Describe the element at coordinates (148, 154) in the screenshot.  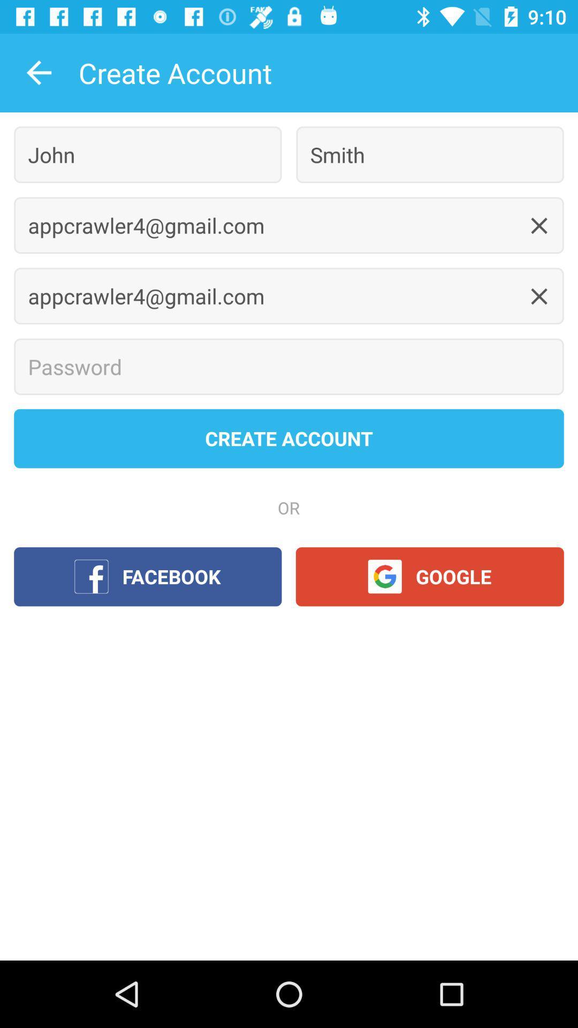
I see `john` at that location.